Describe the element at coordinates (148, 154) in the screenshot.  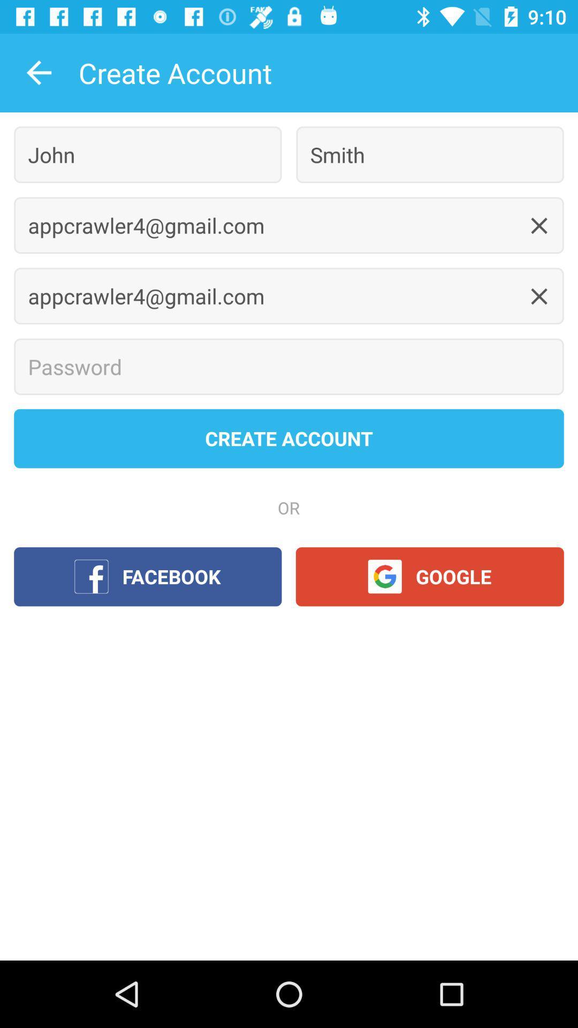
I see `john` at that location.